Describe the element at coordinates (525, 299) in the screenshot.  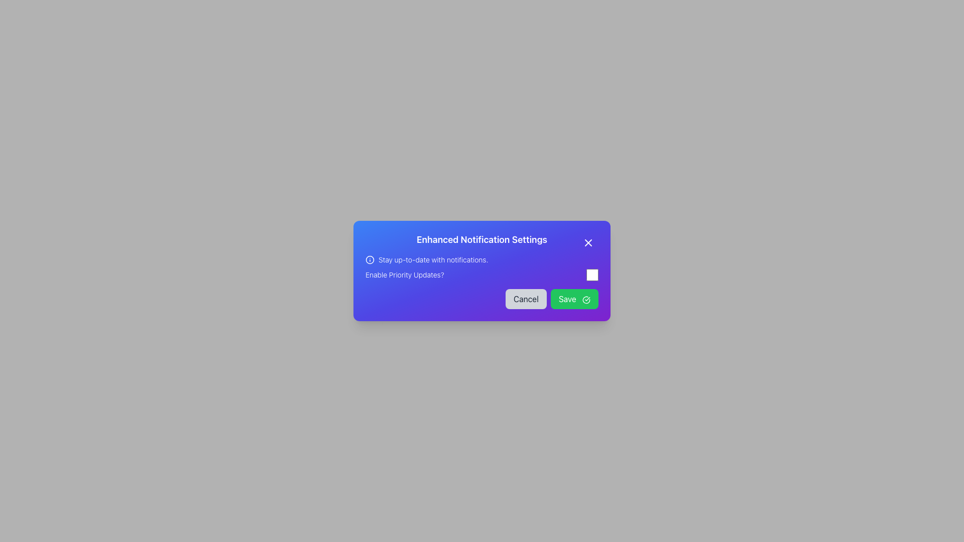
I see `the cancel button located at the bottom-right corner of the 'Enhanced Notification Settings' modal` at that location.